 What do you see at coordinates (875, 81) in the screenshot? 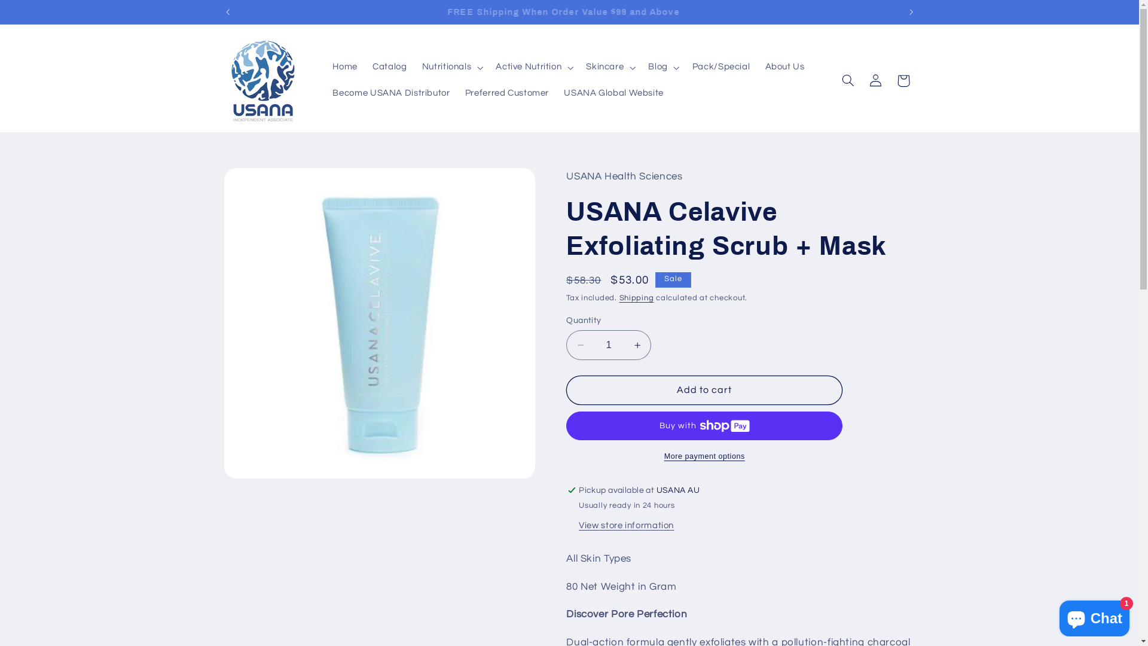
I see `'Log in'` at bounding box center [875, 81].